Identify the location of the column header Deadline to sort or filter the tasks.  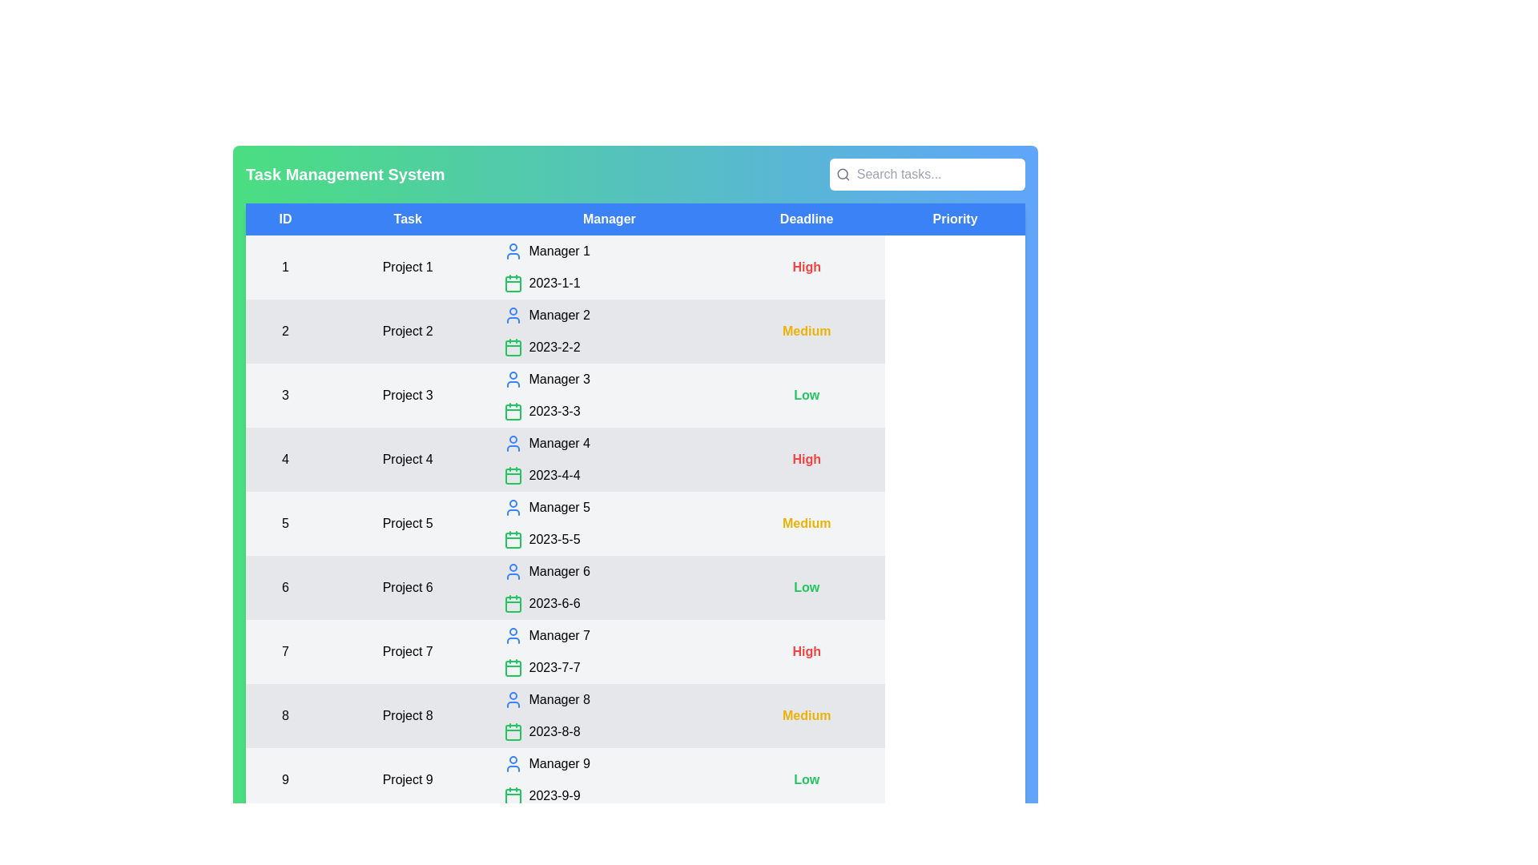
(807, 219).